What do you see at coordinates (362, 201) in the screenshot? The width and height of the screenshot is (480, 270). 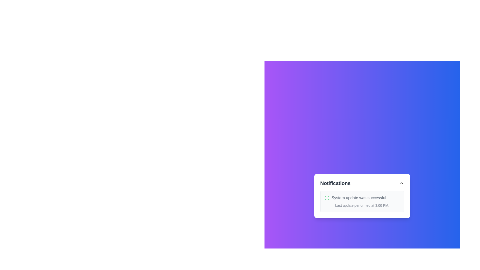 I see `the update information displayed in the Notification card that informs the user about the success of a system update and the exact time it was performed` at bounding box center [362, 201].